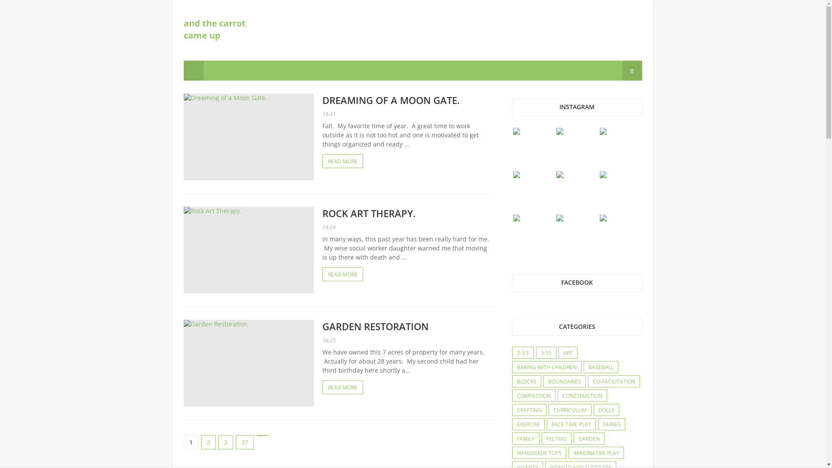  Describe the element at coordinates (208, 442) in the screenshot. I see `'2'` at that location.